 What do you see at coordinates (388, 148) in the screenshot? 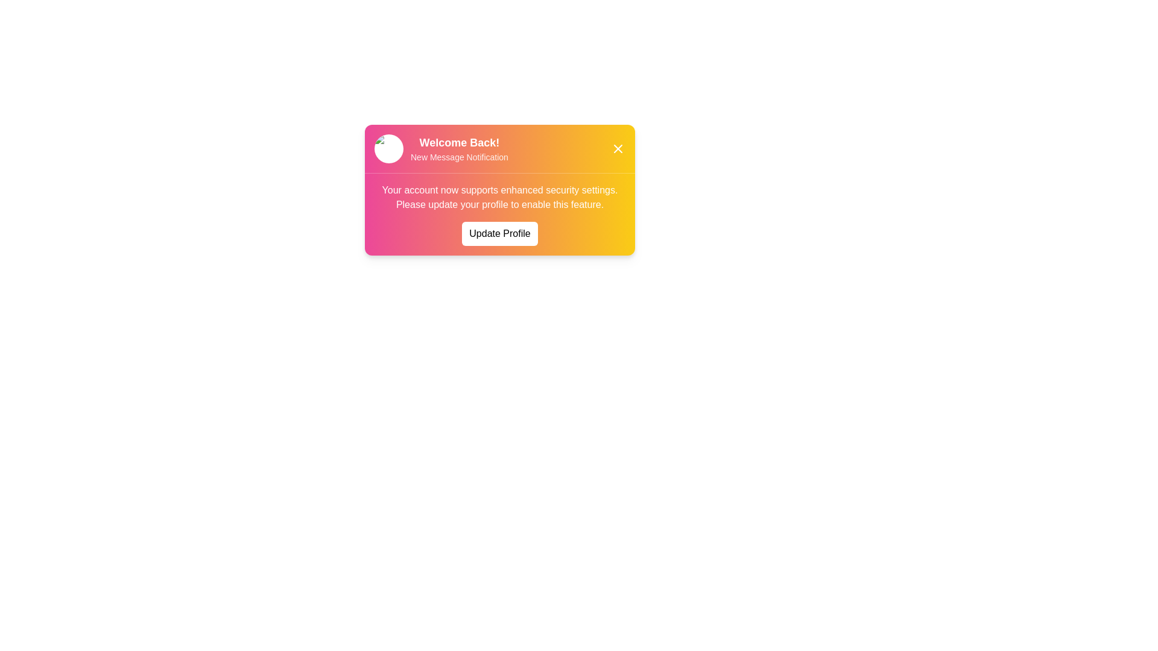
I see `the profile image to view details` at bounding box center [388, 148].